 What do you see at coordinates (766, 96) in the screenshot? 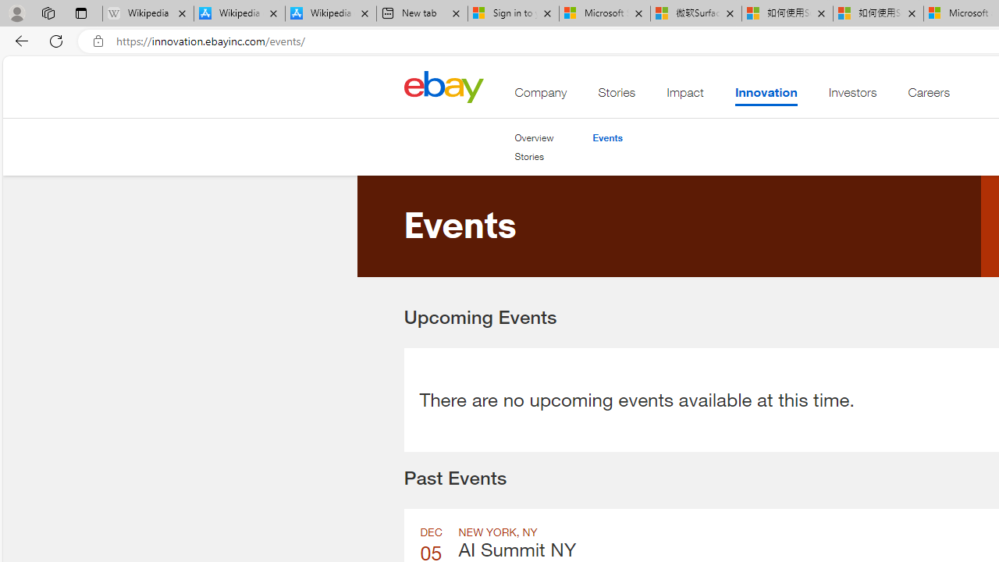
I see `'Innovation . This is the current section.'` at bounding box center [766, 96].